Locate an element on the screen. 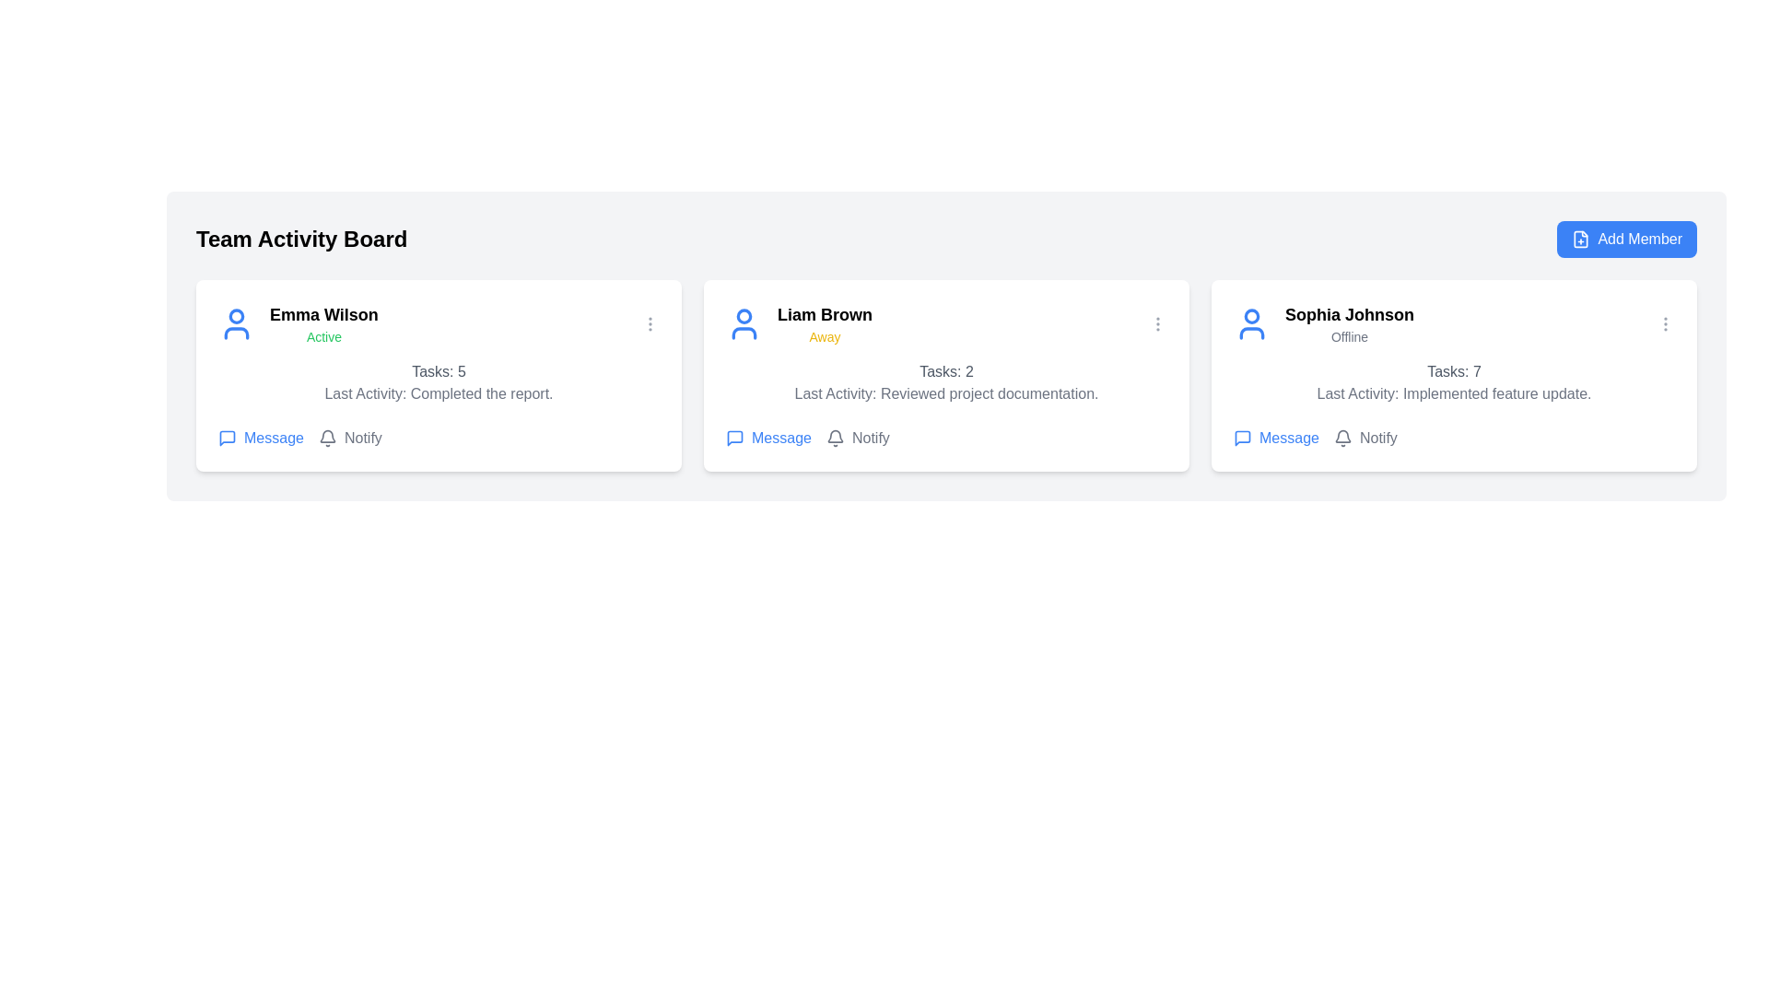  the text label displaying the number of tasks assigned to 'Liam Brown' in the middle card of the row, located directly below the name and status indicator is located at coordinates (946, 372).